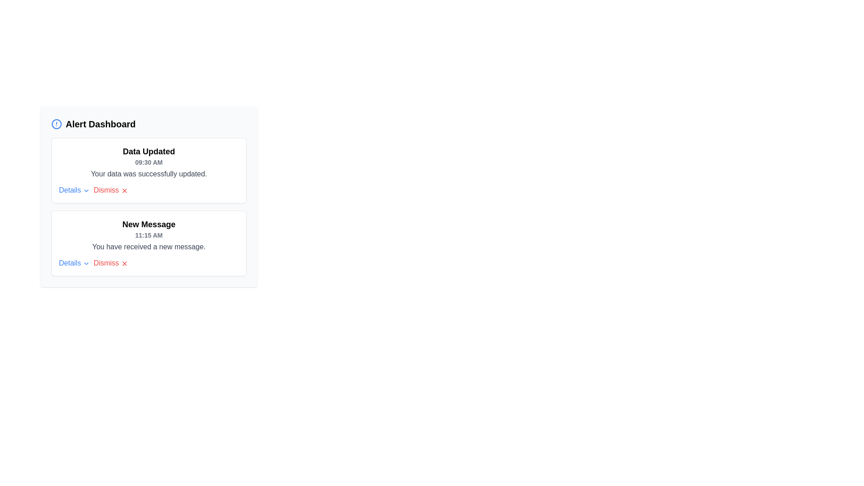  What do you see at coordinates (110, 263) in the screenshot?
I see `the 'Dismiss' text link, which is styled in red and located next to a cross icon` at bounding box center [110, 263].